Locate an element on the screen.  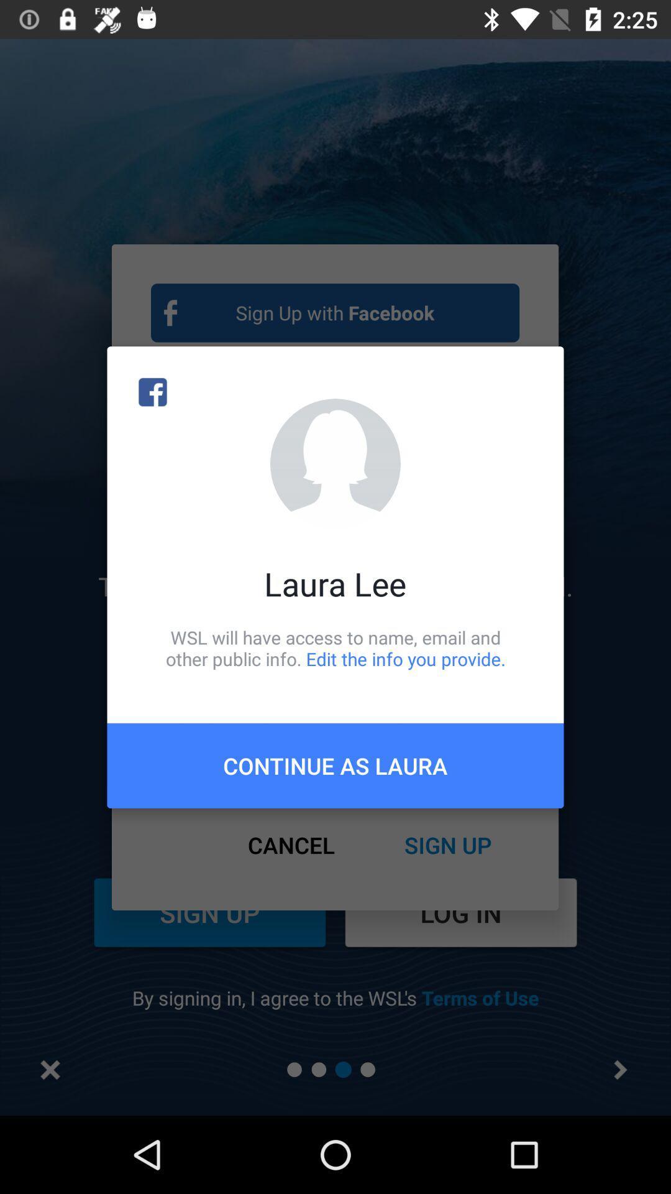
the icon below wsl will have item is located at coordinates (335, 765).